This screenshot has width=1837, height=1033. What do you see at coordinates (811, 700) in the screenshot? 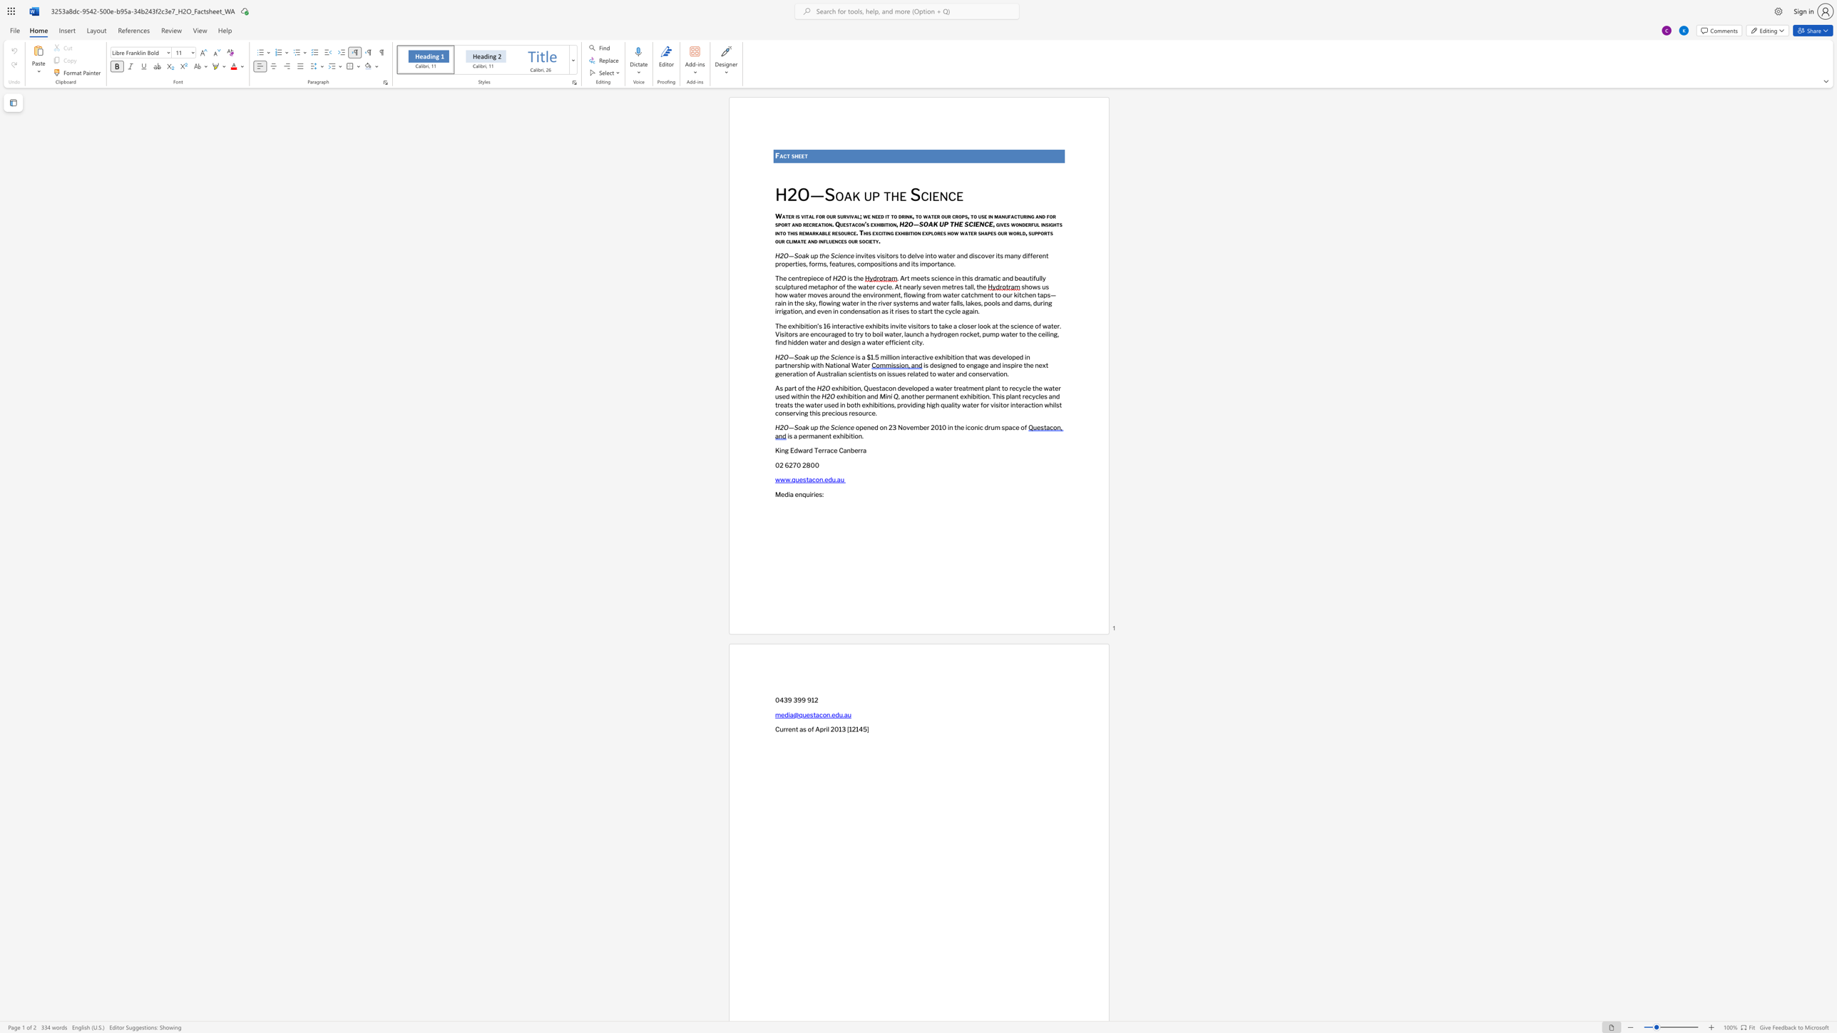
I see `the subset text "12" within the text "0439 399 912"` at bounding box center [811, 700].